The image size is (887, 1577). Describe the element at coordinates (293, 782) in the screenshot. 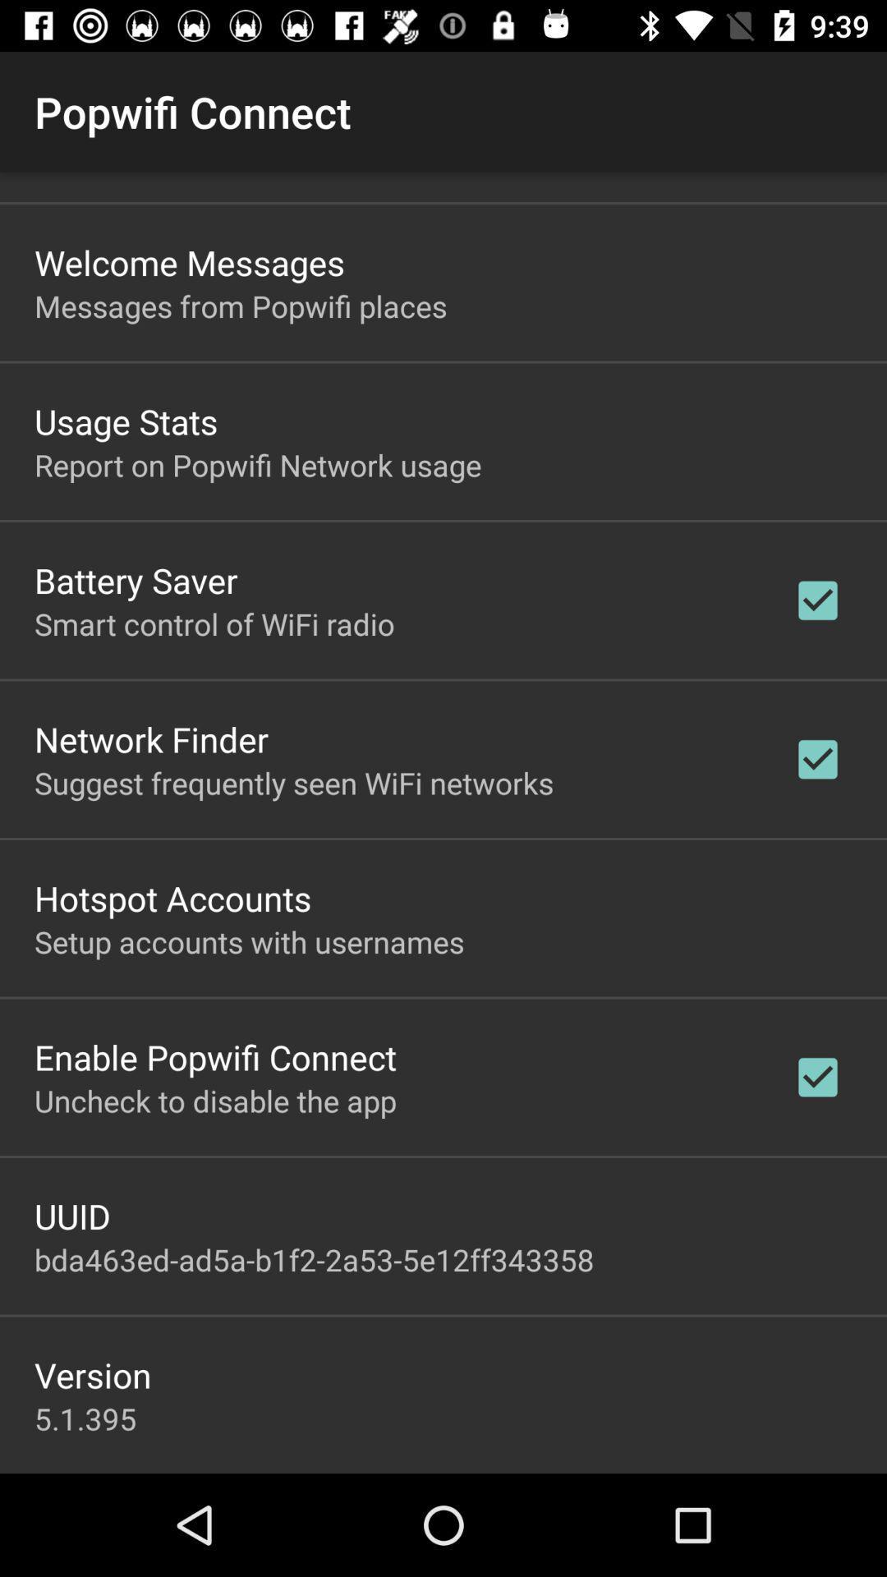

I see `the suggest frequently seen app` at that location.